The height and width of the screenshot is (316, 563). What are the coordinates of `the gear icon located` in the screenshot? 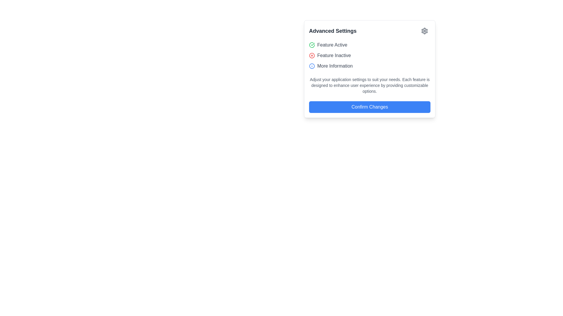 It's located at (425, 31).